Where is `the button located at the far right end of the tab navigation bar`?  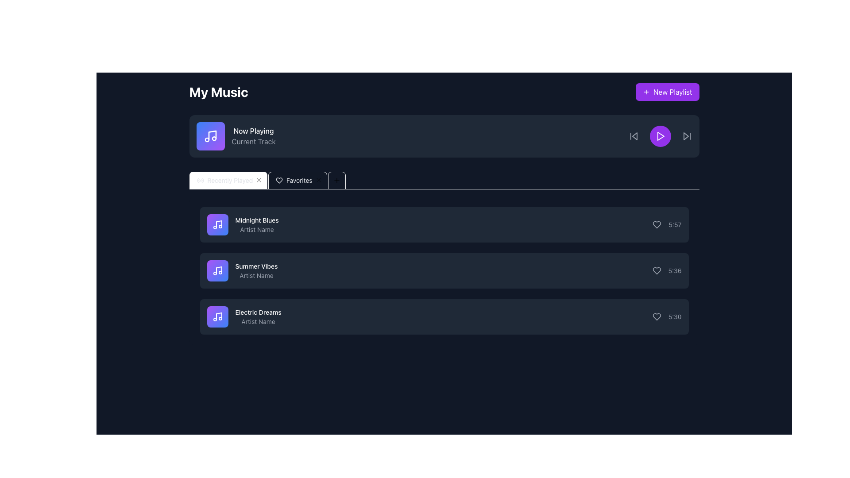
the button located at the far right end of the tab navigation bar is located at coordinates (336, 180).